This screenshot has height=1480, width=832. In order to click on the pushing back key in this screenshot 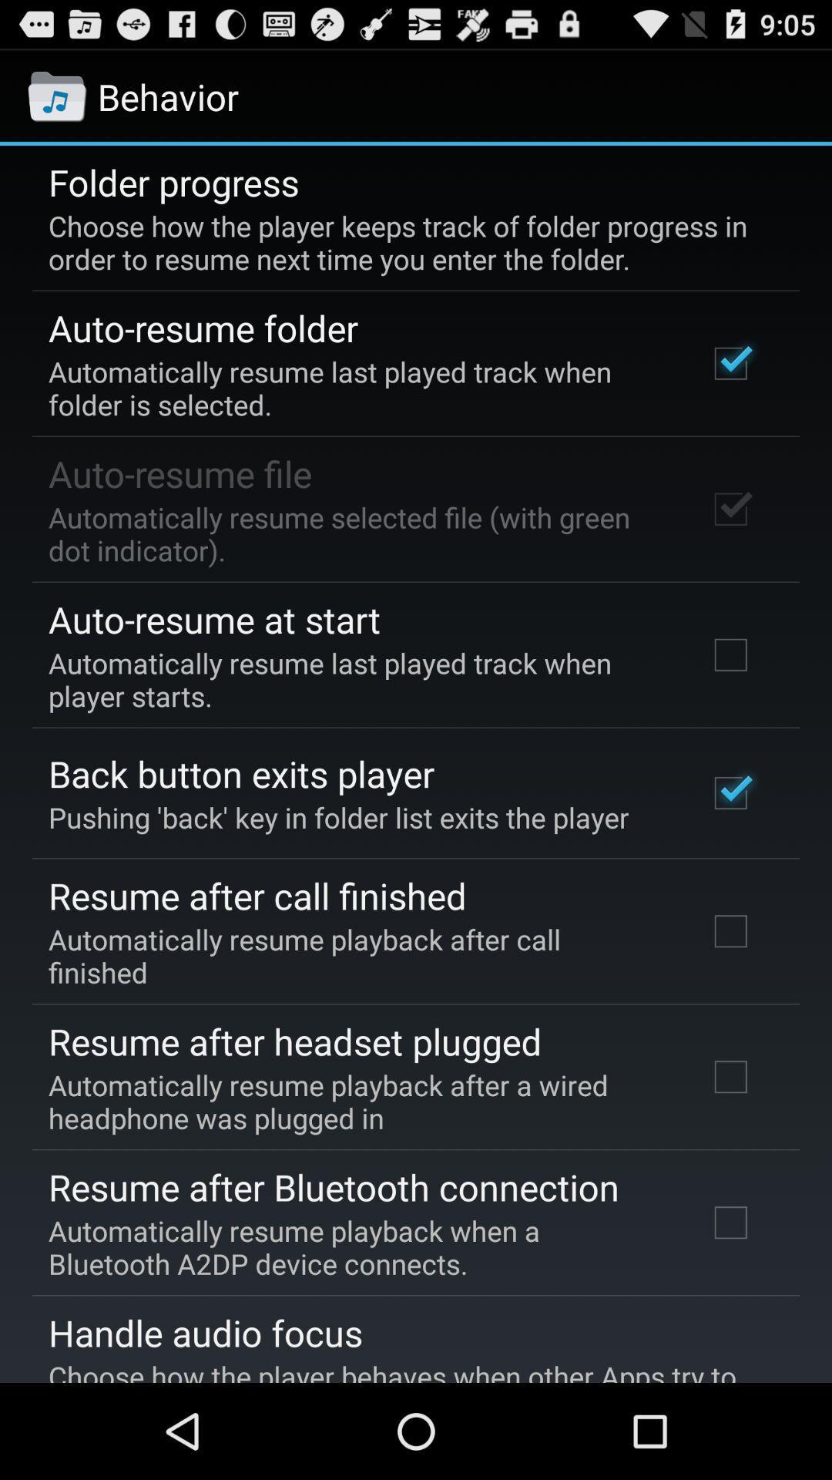, I will do `click(337, 816)`.